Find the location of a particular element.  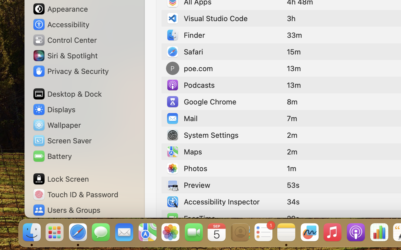

'Touch ID & Password' is located at coordinates (75, 194).